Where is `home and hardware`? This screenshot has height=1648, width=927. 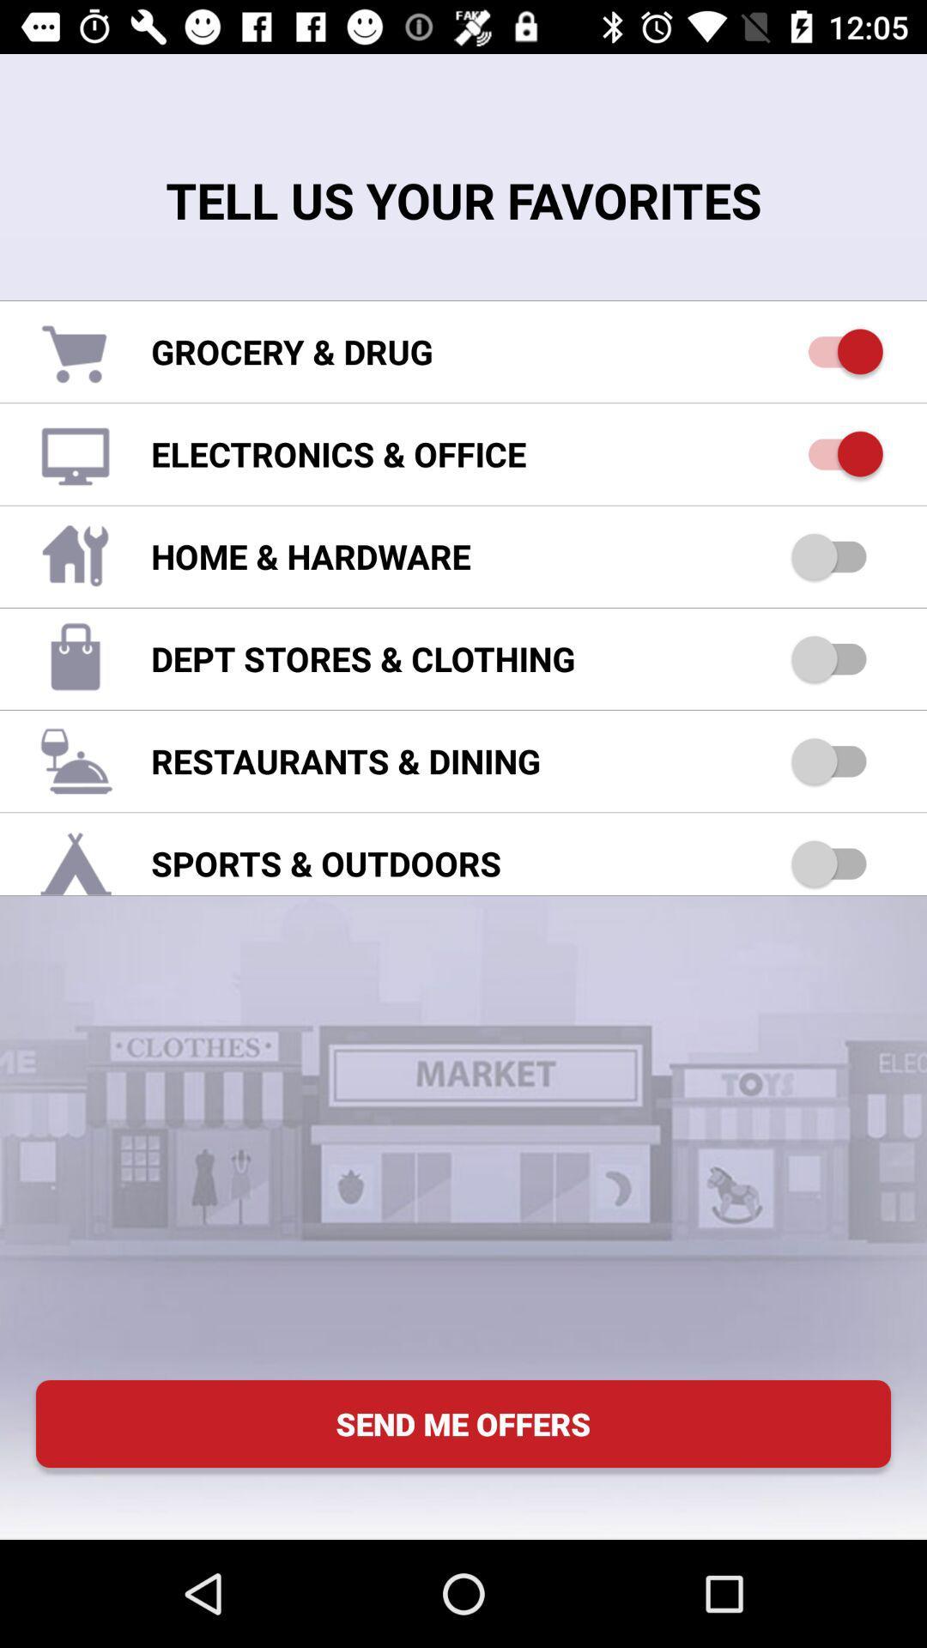
home and hardware is located at coordinates (836, 556).